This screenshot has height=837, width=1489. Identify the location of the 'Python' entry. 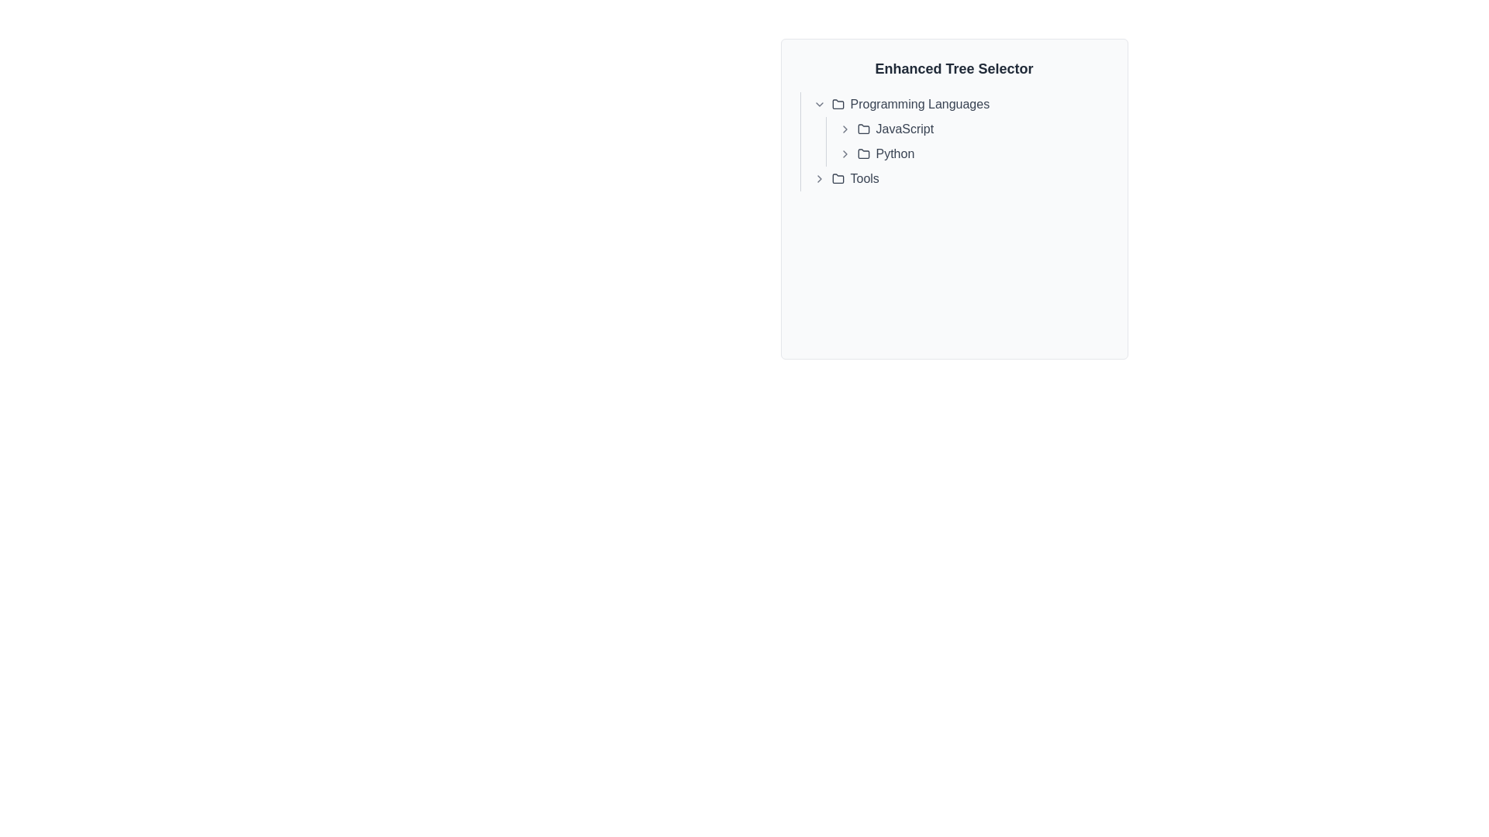
(973, 154).